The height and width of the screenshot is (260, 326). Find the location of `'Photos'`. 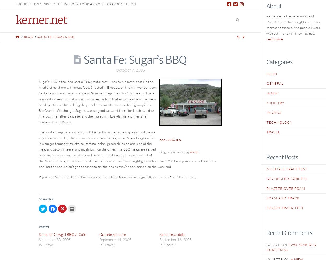

'Photos' is located at coordinates (274, 113).